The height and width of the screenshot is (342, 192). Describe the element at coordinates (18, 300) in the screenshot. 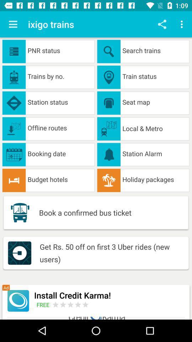

I see `advertisement icon` at that location.